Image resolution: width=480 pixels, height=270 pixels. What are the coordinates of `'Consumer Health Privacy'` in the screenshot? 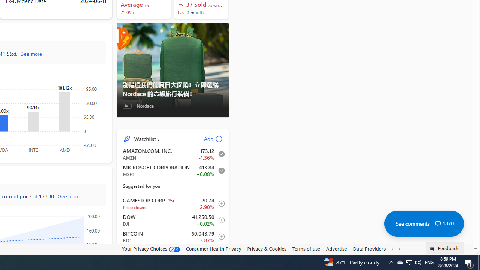 It's located at (213, 249).